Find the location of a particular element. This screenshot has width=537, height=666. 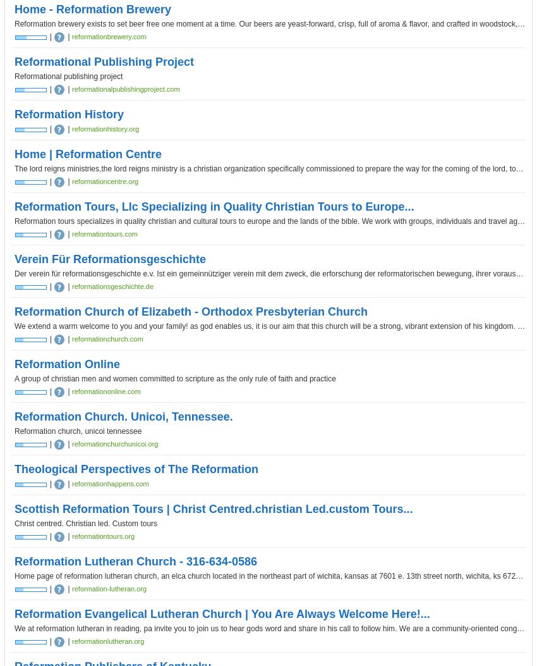

'reformation-lutheran.org' is located at coordinates (71, 588).